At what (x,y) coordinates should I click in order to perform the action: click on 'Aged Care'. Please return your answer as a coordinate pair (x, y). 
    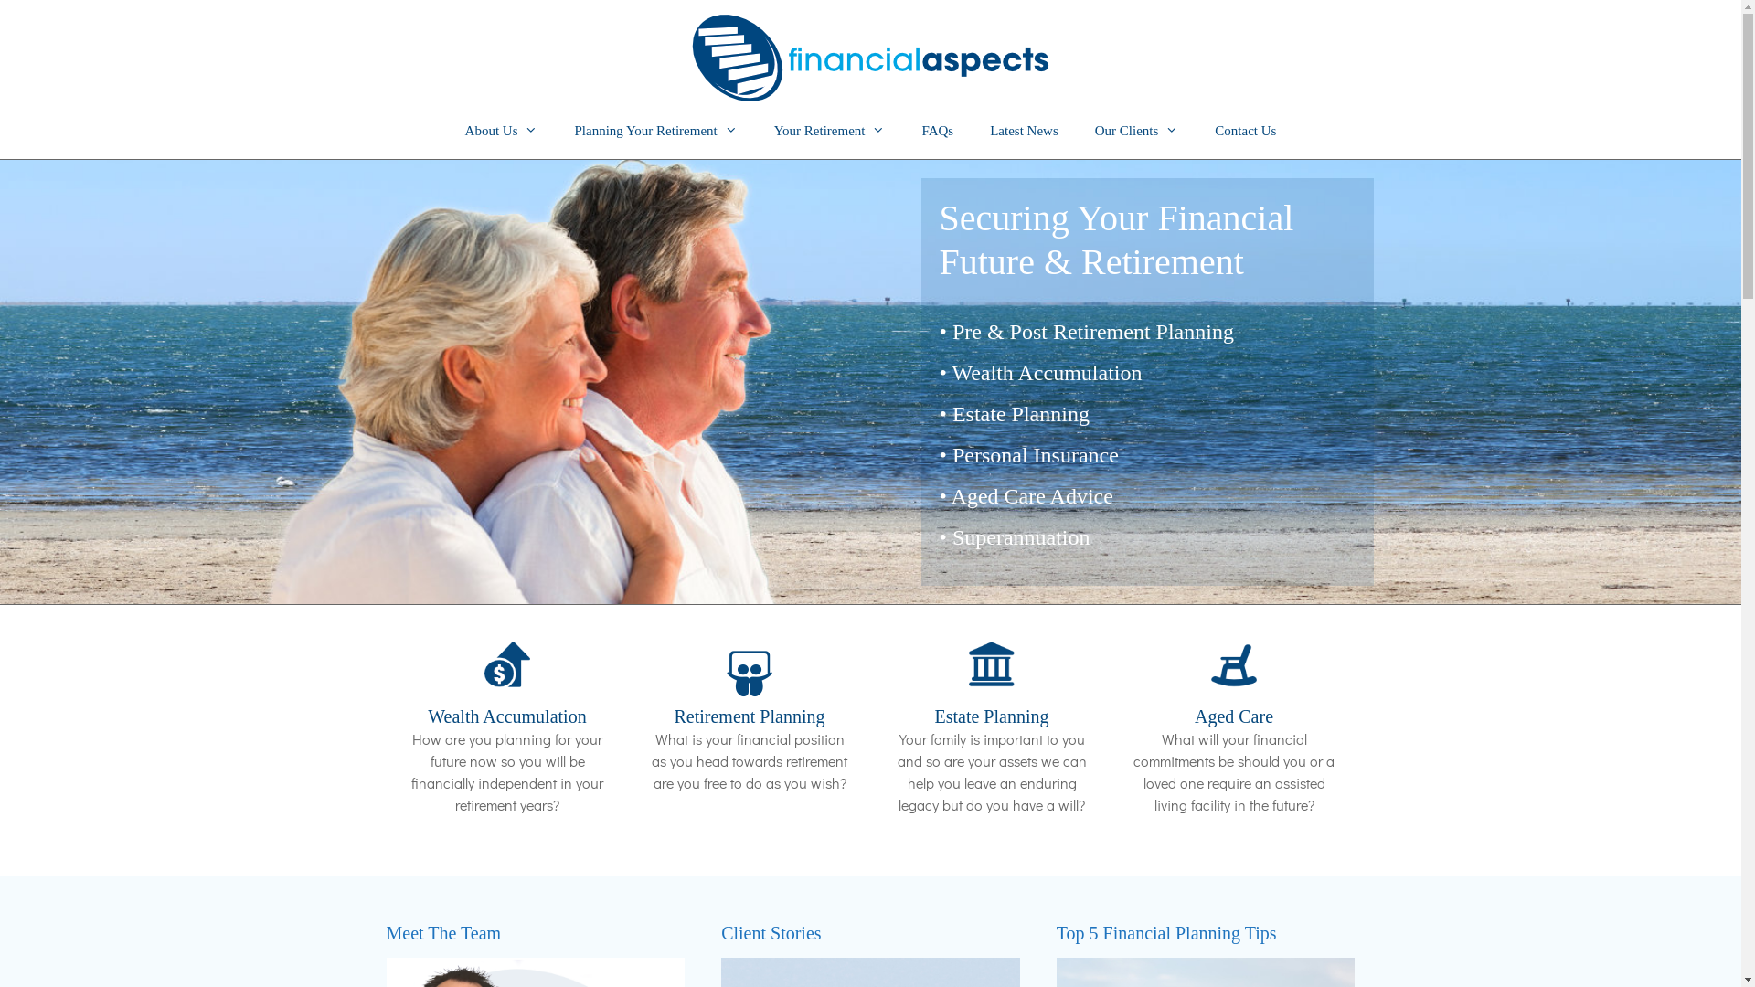
    Looking at the image, I should click on (1234, 715).